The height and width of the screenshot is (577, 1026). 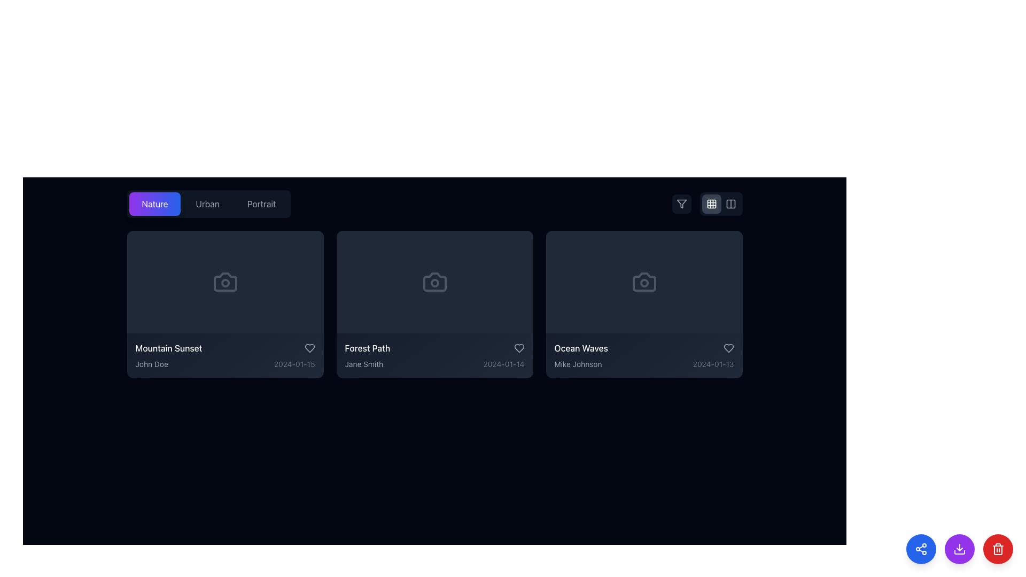 What do you see at coordinates (578, 364) in the screenshot?
I see `text label indicating the author or associated person's name for the 'Ocean Waves' item, located below the title and aligned with the date label '2024-01-13'` at bounding box center [578, 364].